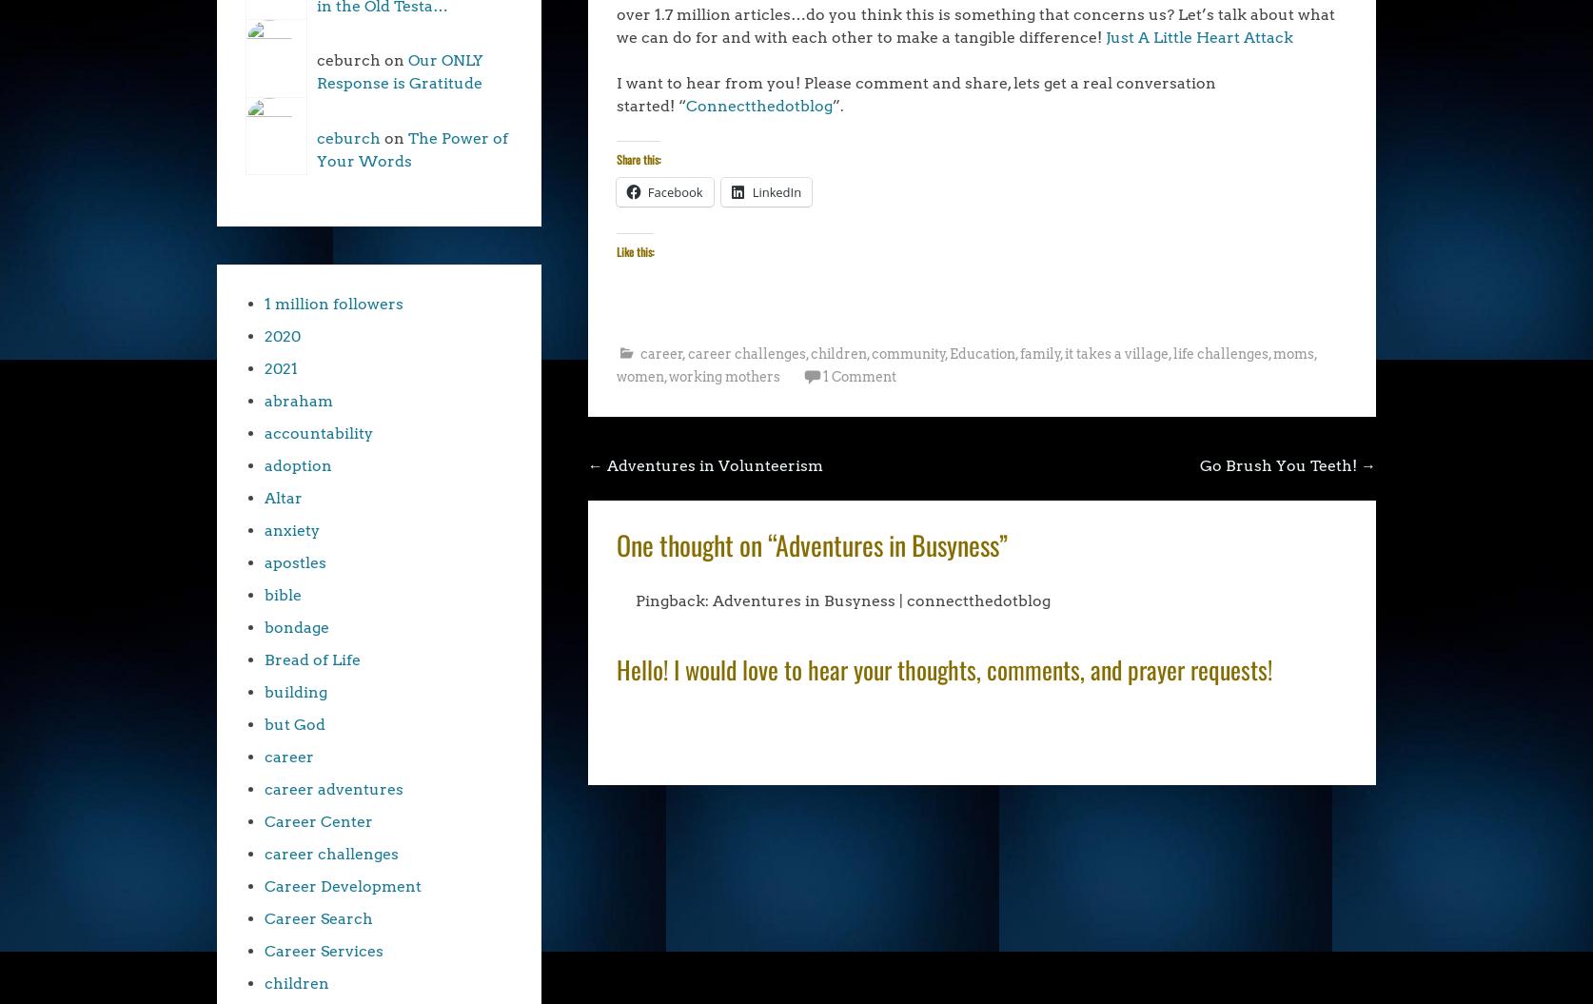  Describe the element at coordinates (1197, 36) in the screenshot. I see `'Just A Little Heart Attack'` at that location.